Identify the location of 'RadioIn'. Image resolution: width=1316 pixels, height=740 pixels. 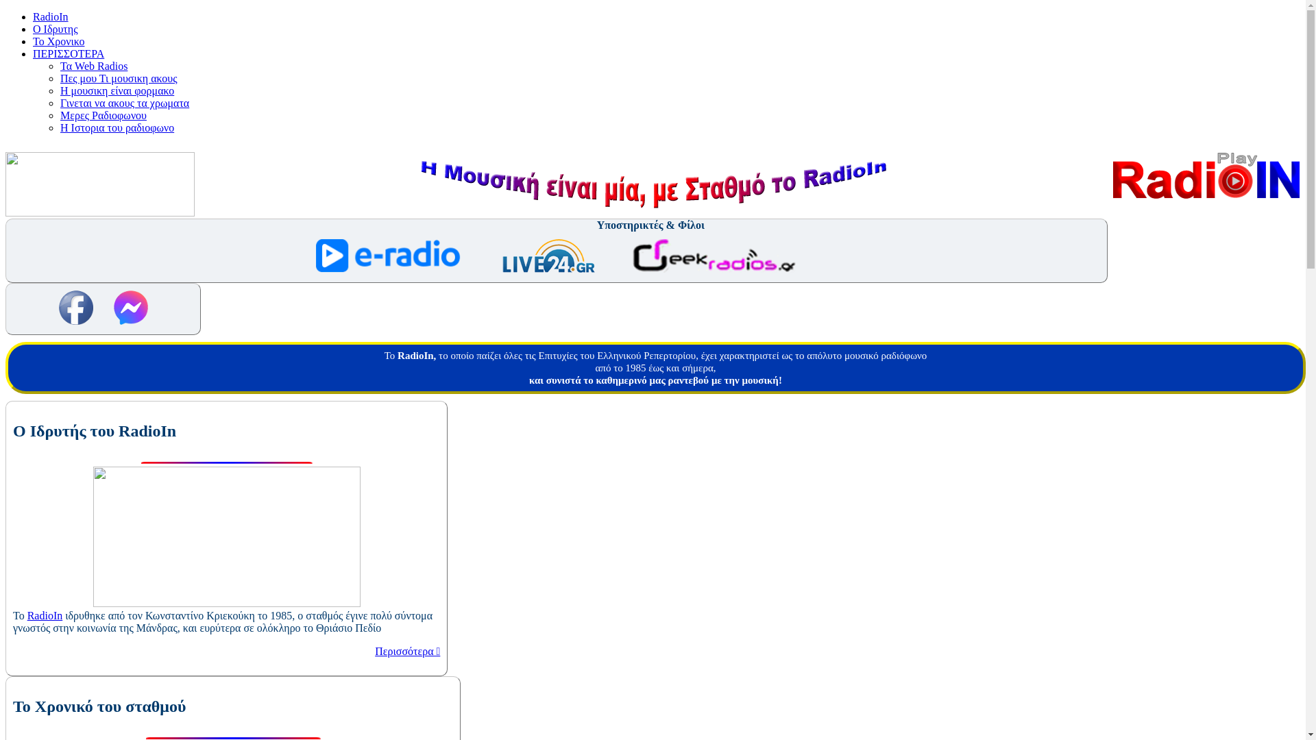
(45, 615).